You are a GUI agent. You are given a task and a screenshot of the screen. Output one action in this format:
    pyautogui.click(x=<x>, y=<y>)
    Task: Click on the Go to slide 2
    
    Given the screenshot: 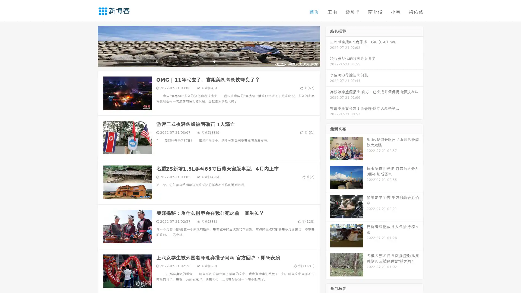 What is the action you would take?
    pyautogui.click(x=208, y=61)
    